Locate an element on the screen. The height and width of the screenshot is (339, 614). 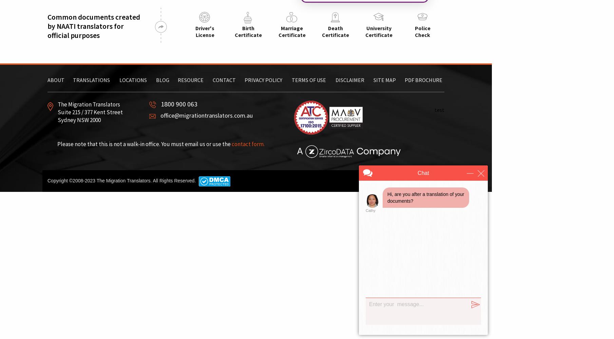
'Locations' is located at coordinates (133, 80).